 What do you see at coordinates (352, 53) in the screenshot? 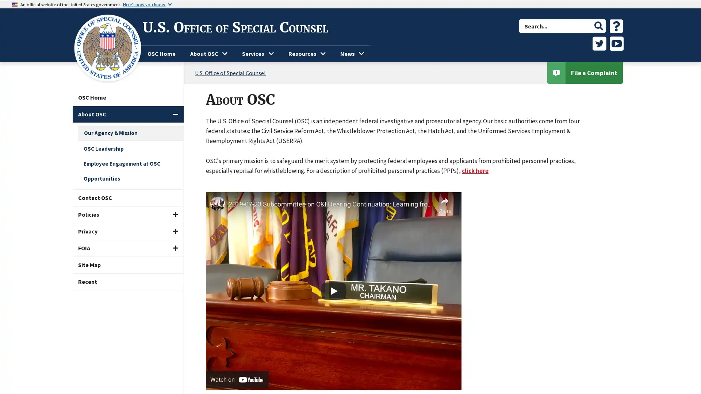
I see `News` at bounding box center [352, 53].